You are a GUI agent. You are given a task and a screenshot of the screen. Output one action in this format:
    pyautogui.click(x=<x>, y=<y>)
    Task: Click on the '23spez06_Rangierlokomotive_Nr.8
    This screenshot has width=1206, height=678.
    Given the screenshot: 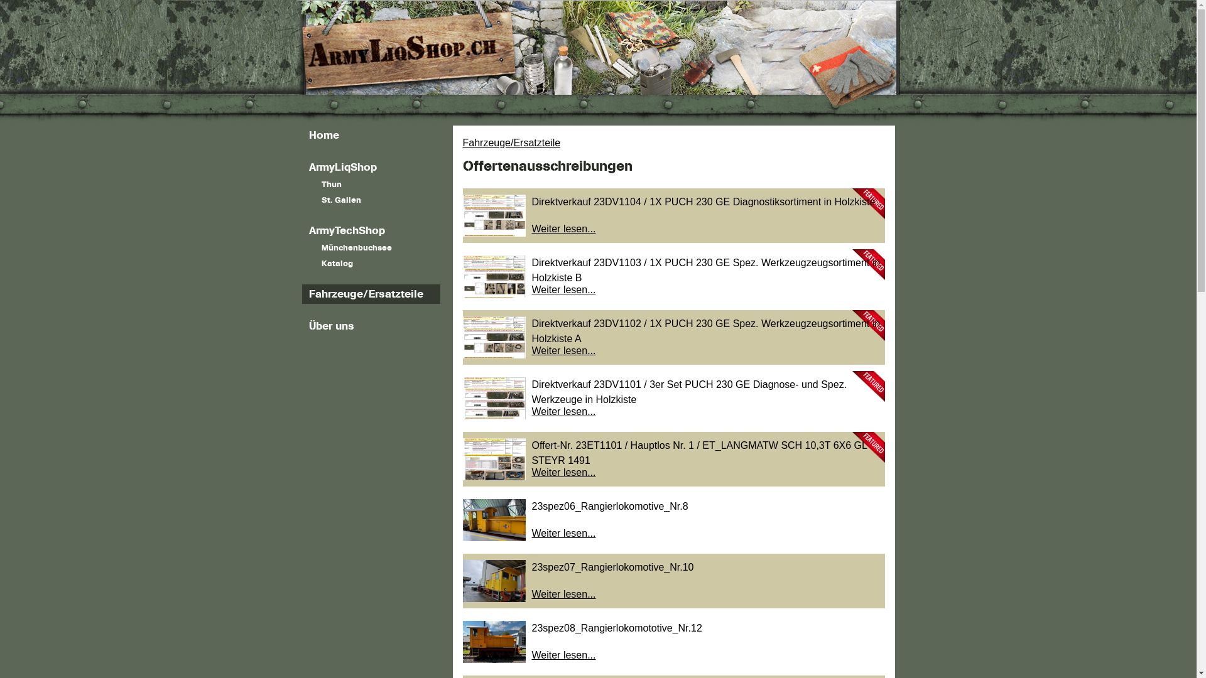 What is the action you would take?
    pyautogui.click(x=672, y=520)
    